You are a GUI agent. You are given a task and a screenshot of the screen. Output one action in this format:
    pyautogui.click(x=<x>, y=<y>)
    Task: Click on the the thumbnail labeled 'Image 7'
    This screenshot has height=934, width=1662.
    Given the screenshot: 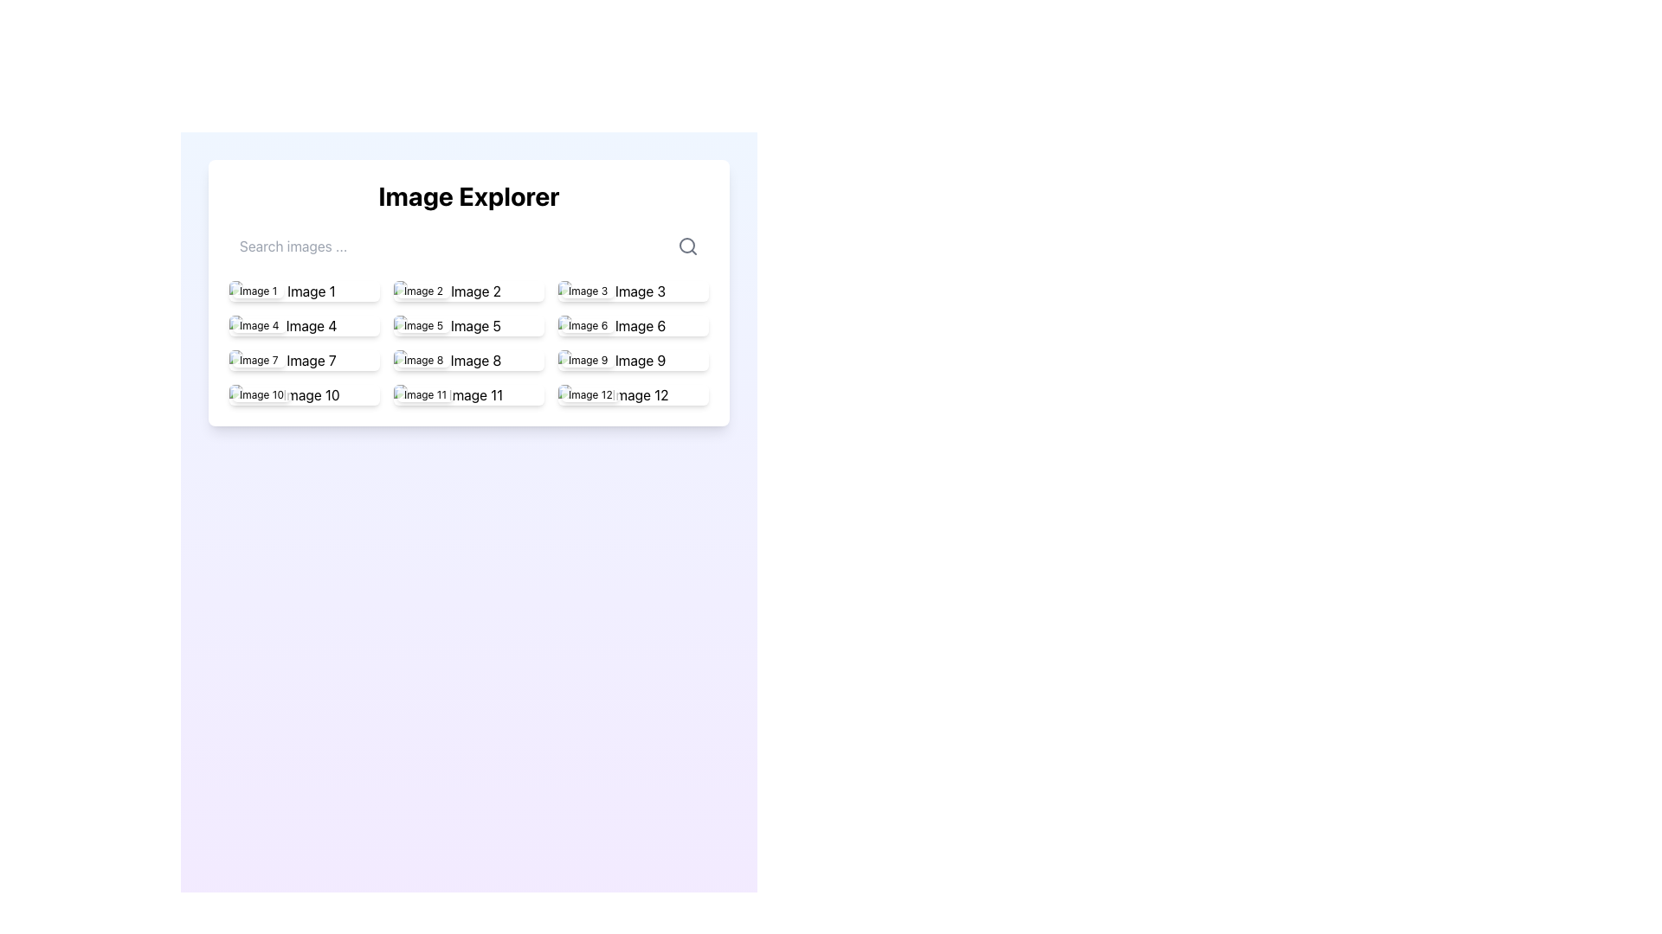 What is the action you would take?
    pyautogui.click(x=304, y=359)
    